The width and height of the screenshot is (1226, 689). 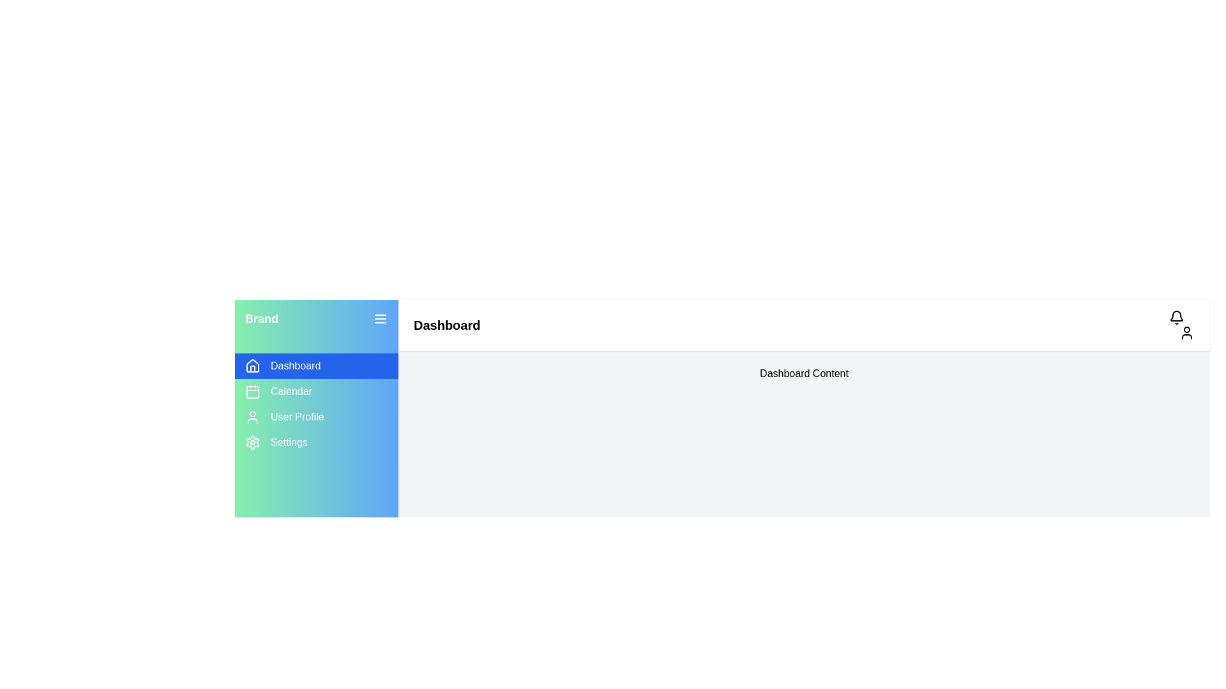 I want to click on the user profile icon, which is an outline resembling a head and shoulders, located in the menu panel to the left of the 'User Profile' label and below the 'Calendar' entry, so click(x=252, y=417).